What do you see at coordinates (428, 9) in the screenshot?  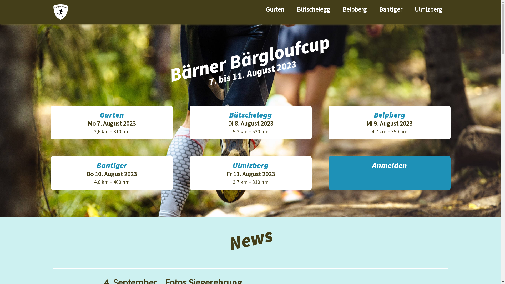 I see `'Ulmizberg'` at bounding box center [428, 9].